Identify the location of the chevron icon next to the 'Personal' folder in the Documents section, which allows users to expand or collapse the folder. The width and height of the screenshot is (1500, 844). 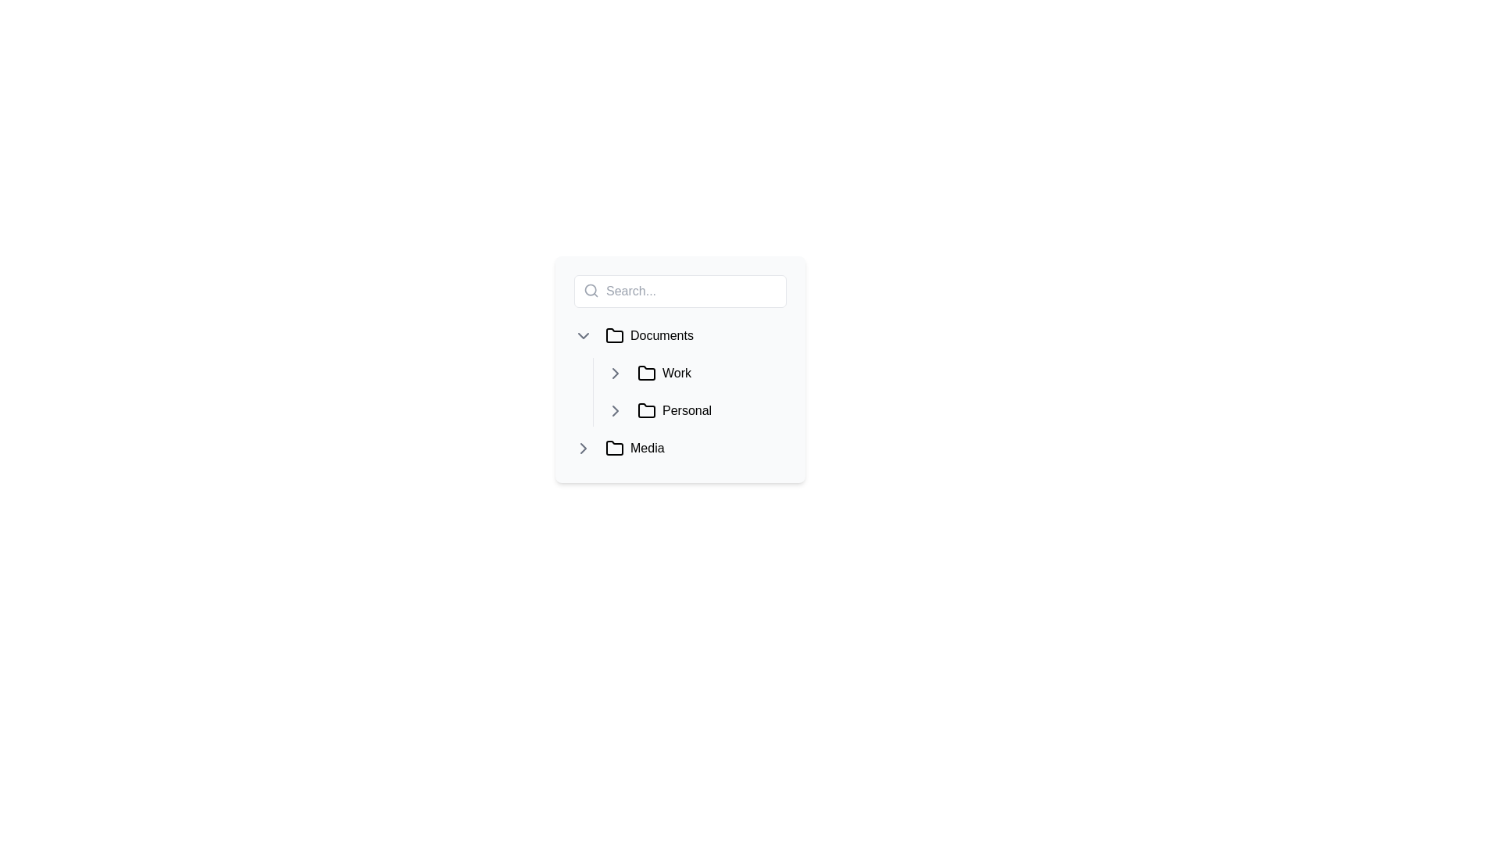
(614, 409).